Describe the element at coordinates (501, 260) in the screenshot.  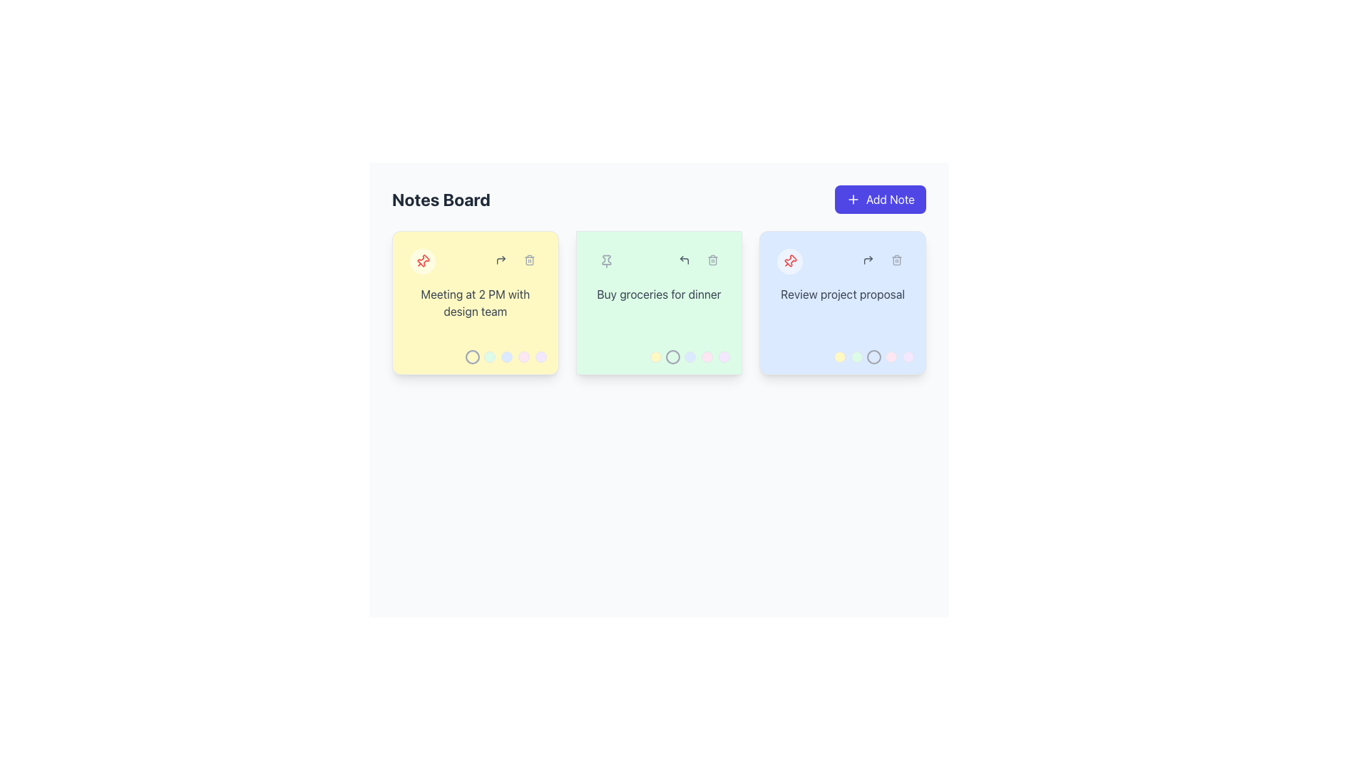
I see `the icon button shaped like a curved arrow pointing upward to the right, located in the toolbar of the 'Review project proposal' note card` at that location.